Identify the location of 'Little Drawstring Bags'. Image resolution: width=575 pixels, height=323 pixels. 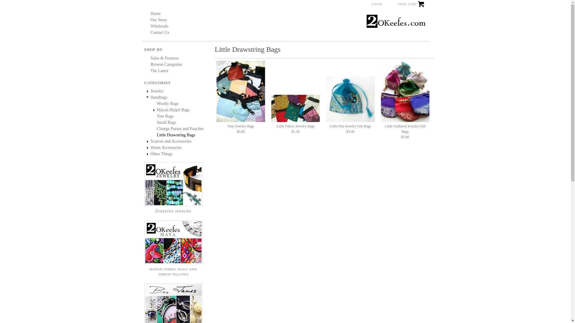
(176, 135).